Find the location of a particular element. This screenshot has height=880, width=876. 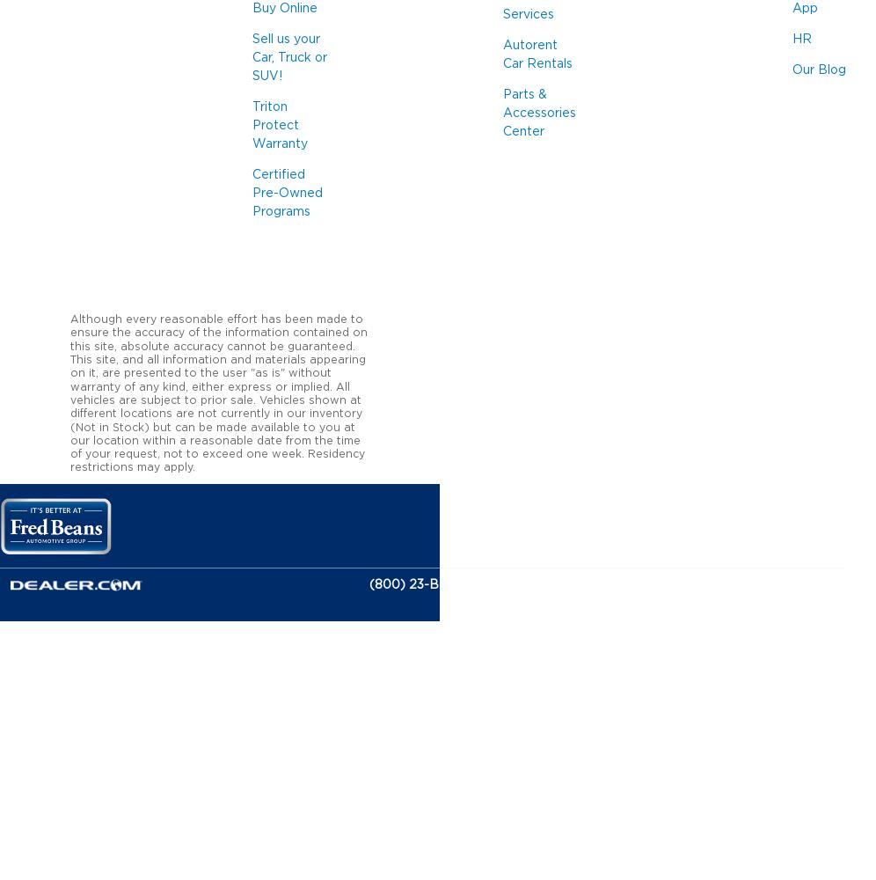

'Autorent Car Rentals' is located at coordinates (537, 55).